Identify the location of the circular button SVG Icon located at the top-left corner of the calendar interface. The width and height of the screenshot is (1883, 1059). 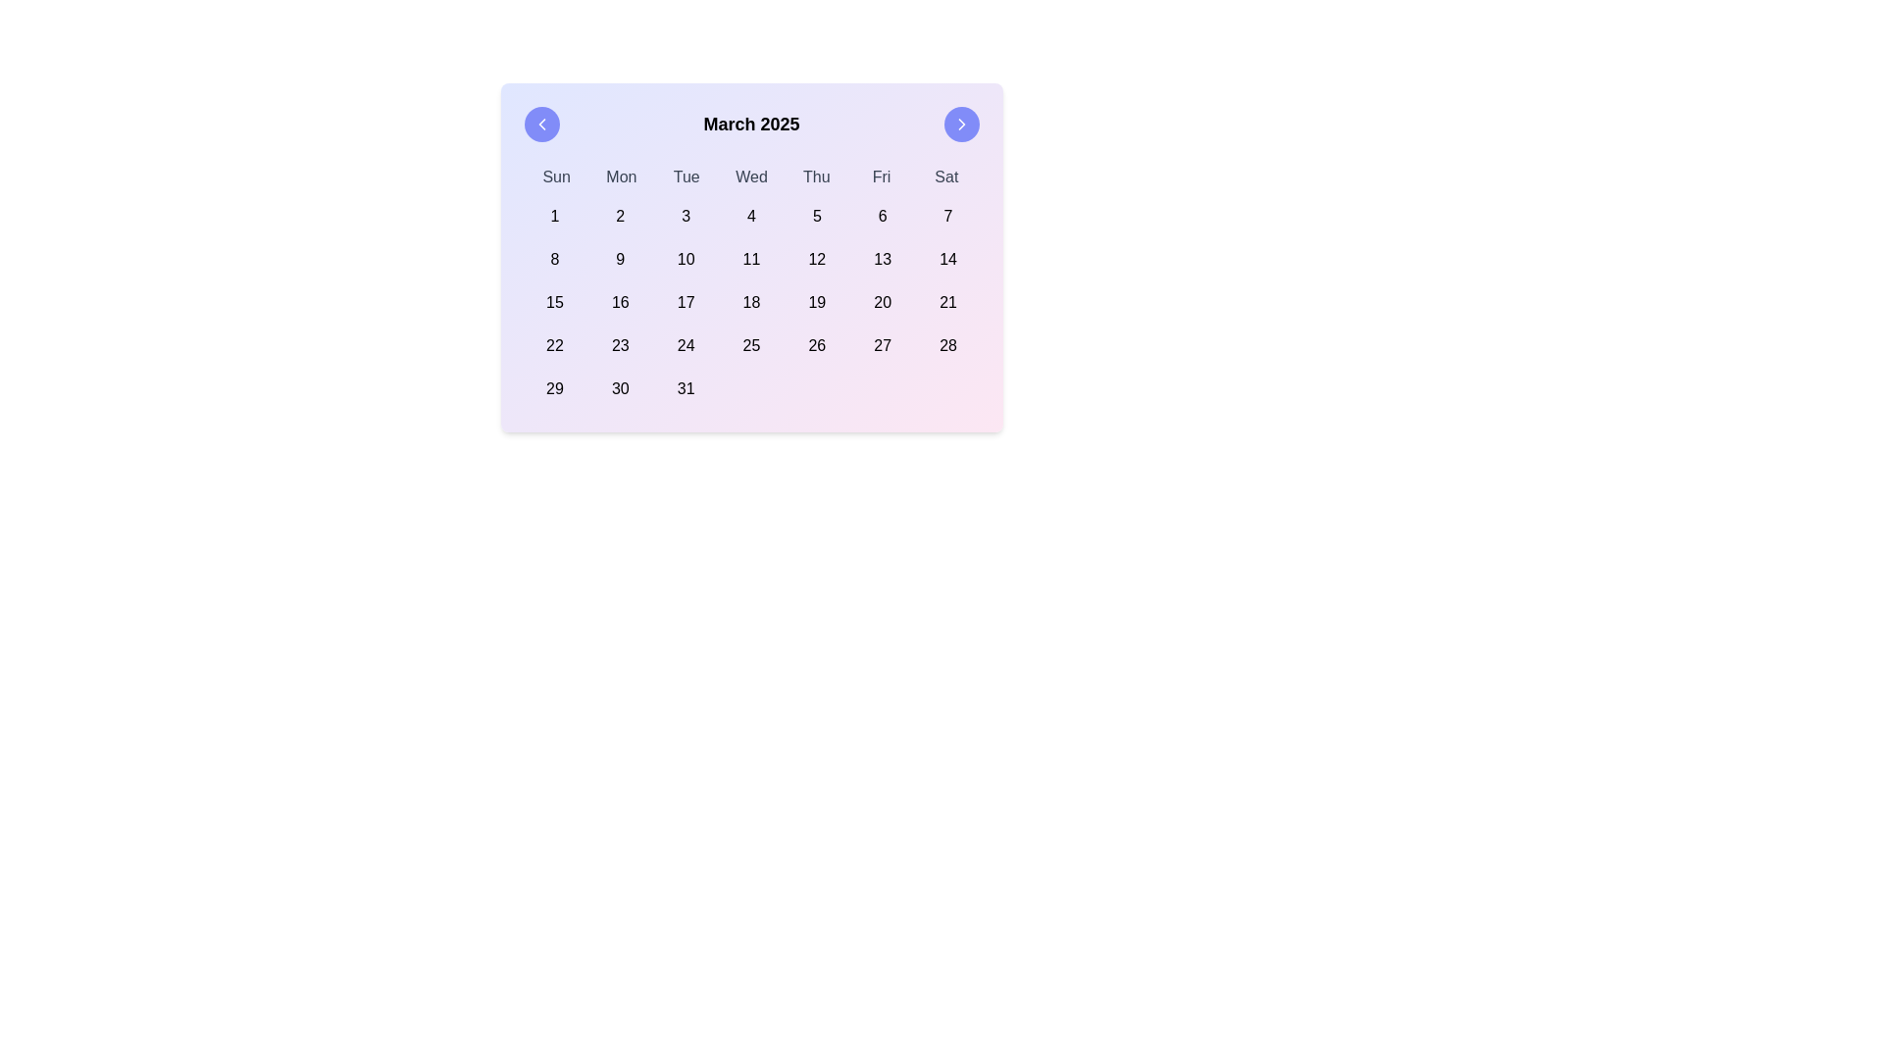
(541, 125).